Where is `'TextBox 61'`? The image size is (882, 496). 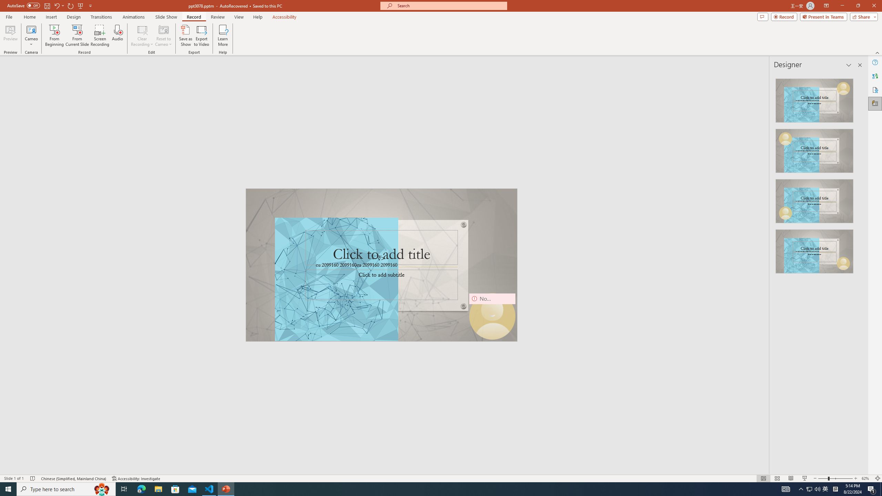
'TextBox 61' is located at coordinates (380, 265).